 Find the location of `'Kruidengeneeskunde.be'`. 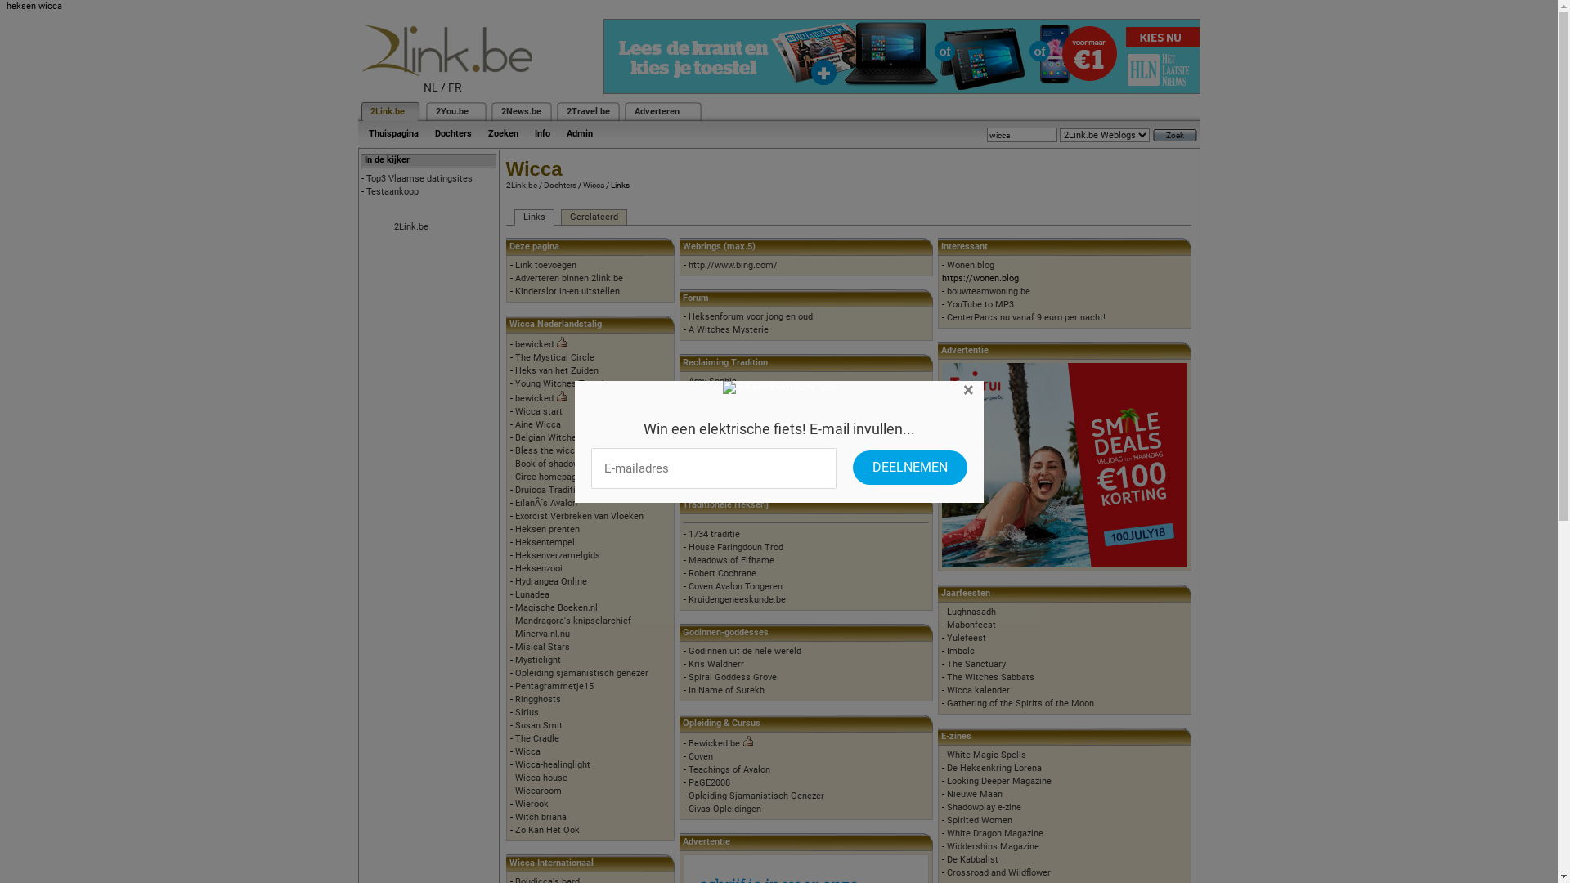

'Kruidengeneeskunde.be' is located at coordinates (736, 599).